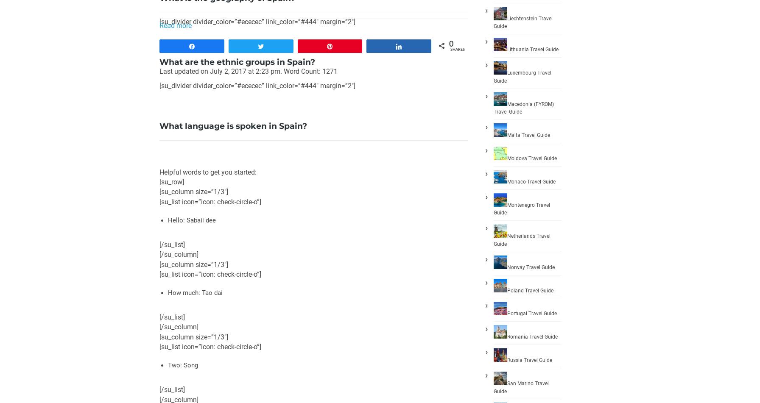  I want to click on 'Monaco Travel Guide', so click(531, 181).